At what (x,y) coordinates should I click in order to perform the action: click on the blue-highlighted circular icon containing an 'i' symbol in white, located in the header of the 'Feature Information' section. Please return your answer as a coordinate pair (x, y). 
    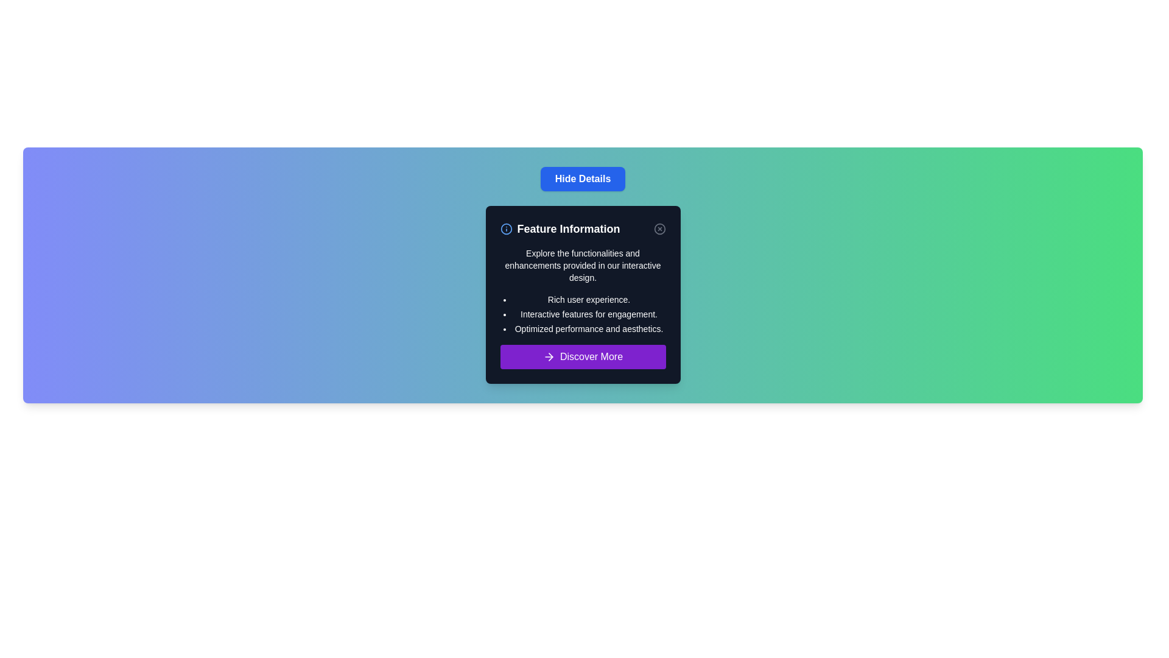
    Looking at the image, I should click on (506, 228).